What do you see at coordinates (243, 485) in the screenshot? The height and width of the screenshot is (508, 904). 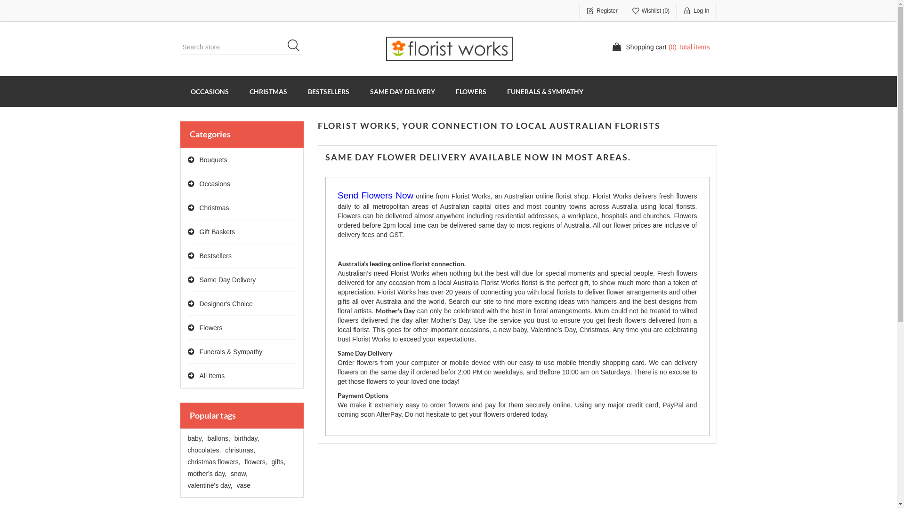 I see `'vase'` at bounding box center [243, 485].